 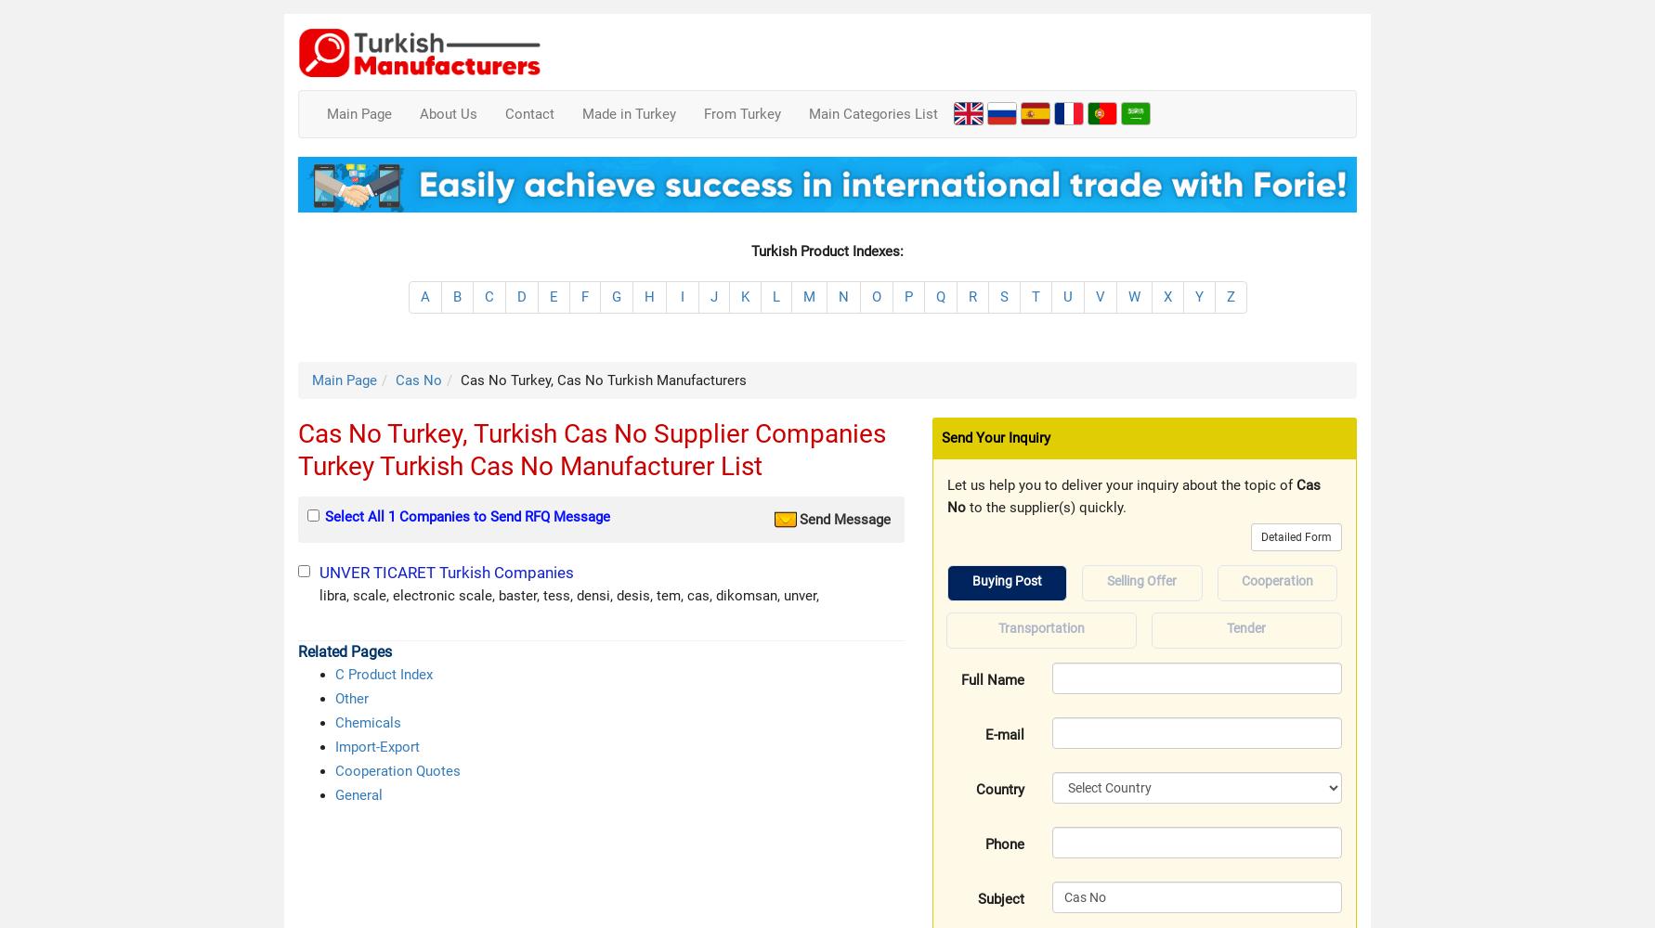 I want to click on 'Cas No Turkey, Turkish Cas No Supplier Companies Turkey Turkish Cas No Manufacturer List', so click(x=591, y=449).